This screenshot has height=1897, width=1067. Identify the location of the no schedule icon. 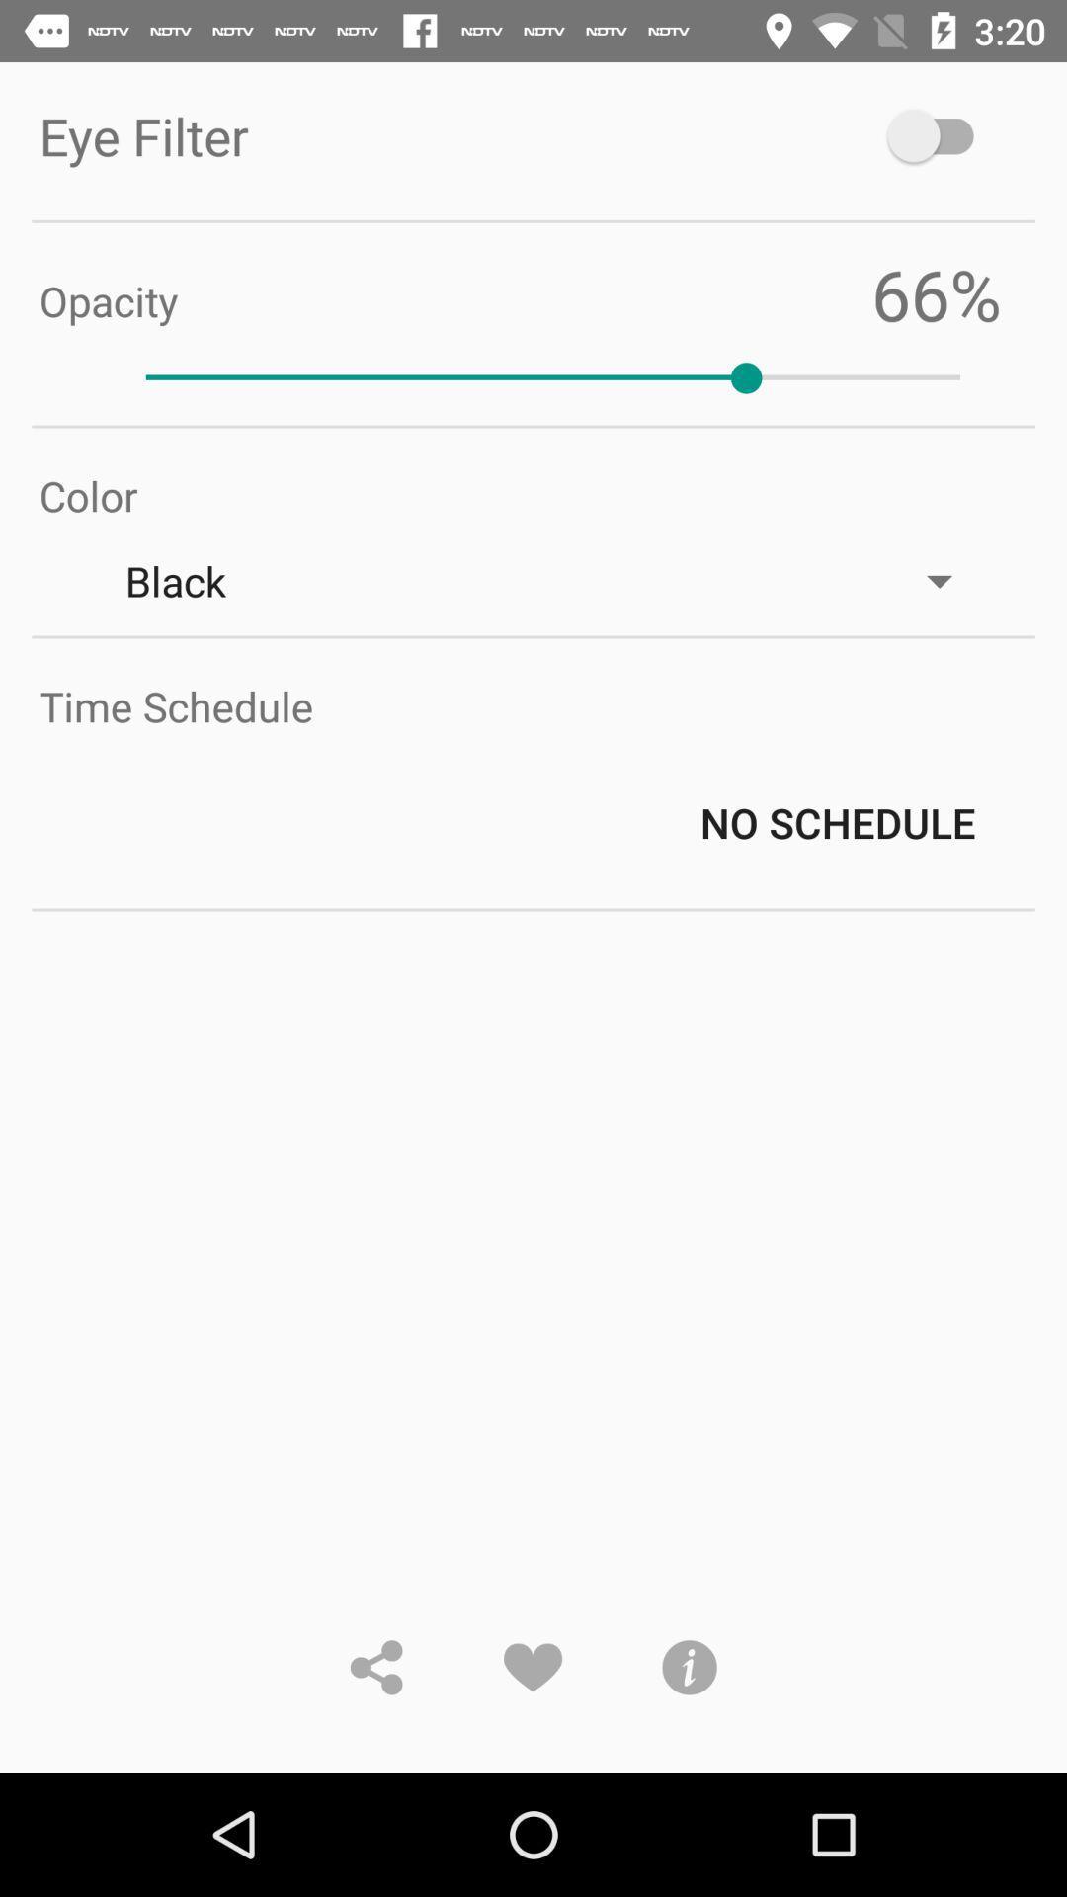
(552, 822).